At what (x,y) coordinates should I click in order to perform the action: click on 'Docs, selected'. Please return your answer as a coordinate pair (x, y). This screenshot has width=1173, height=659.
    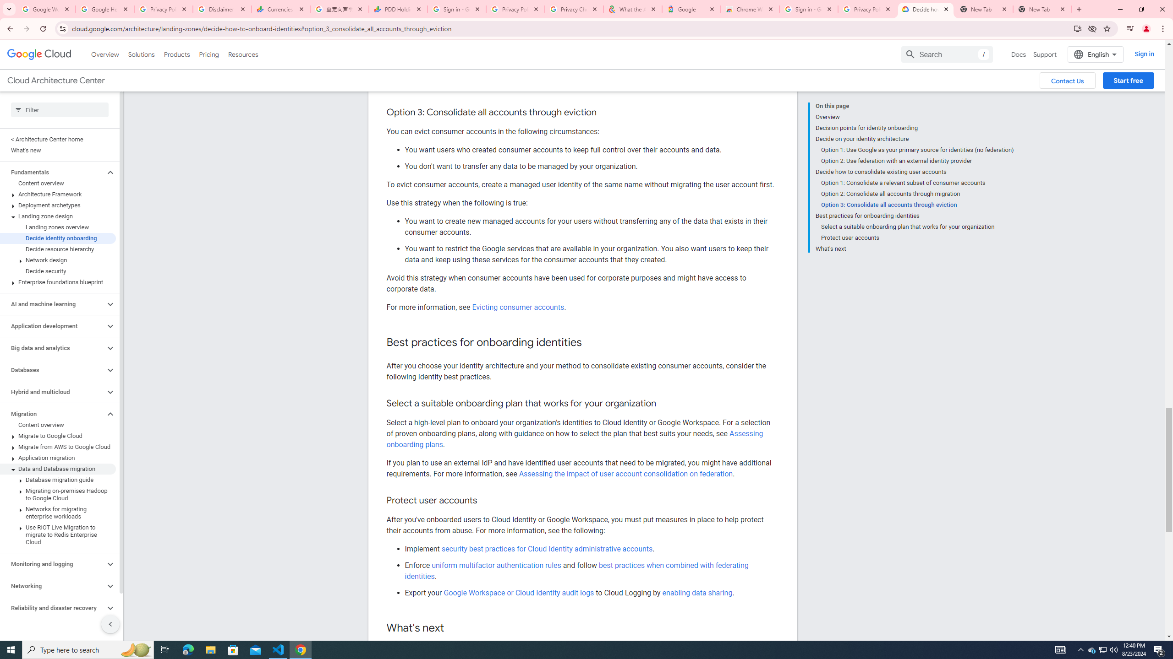
    Looking at the image, I should click on (1018, 54).